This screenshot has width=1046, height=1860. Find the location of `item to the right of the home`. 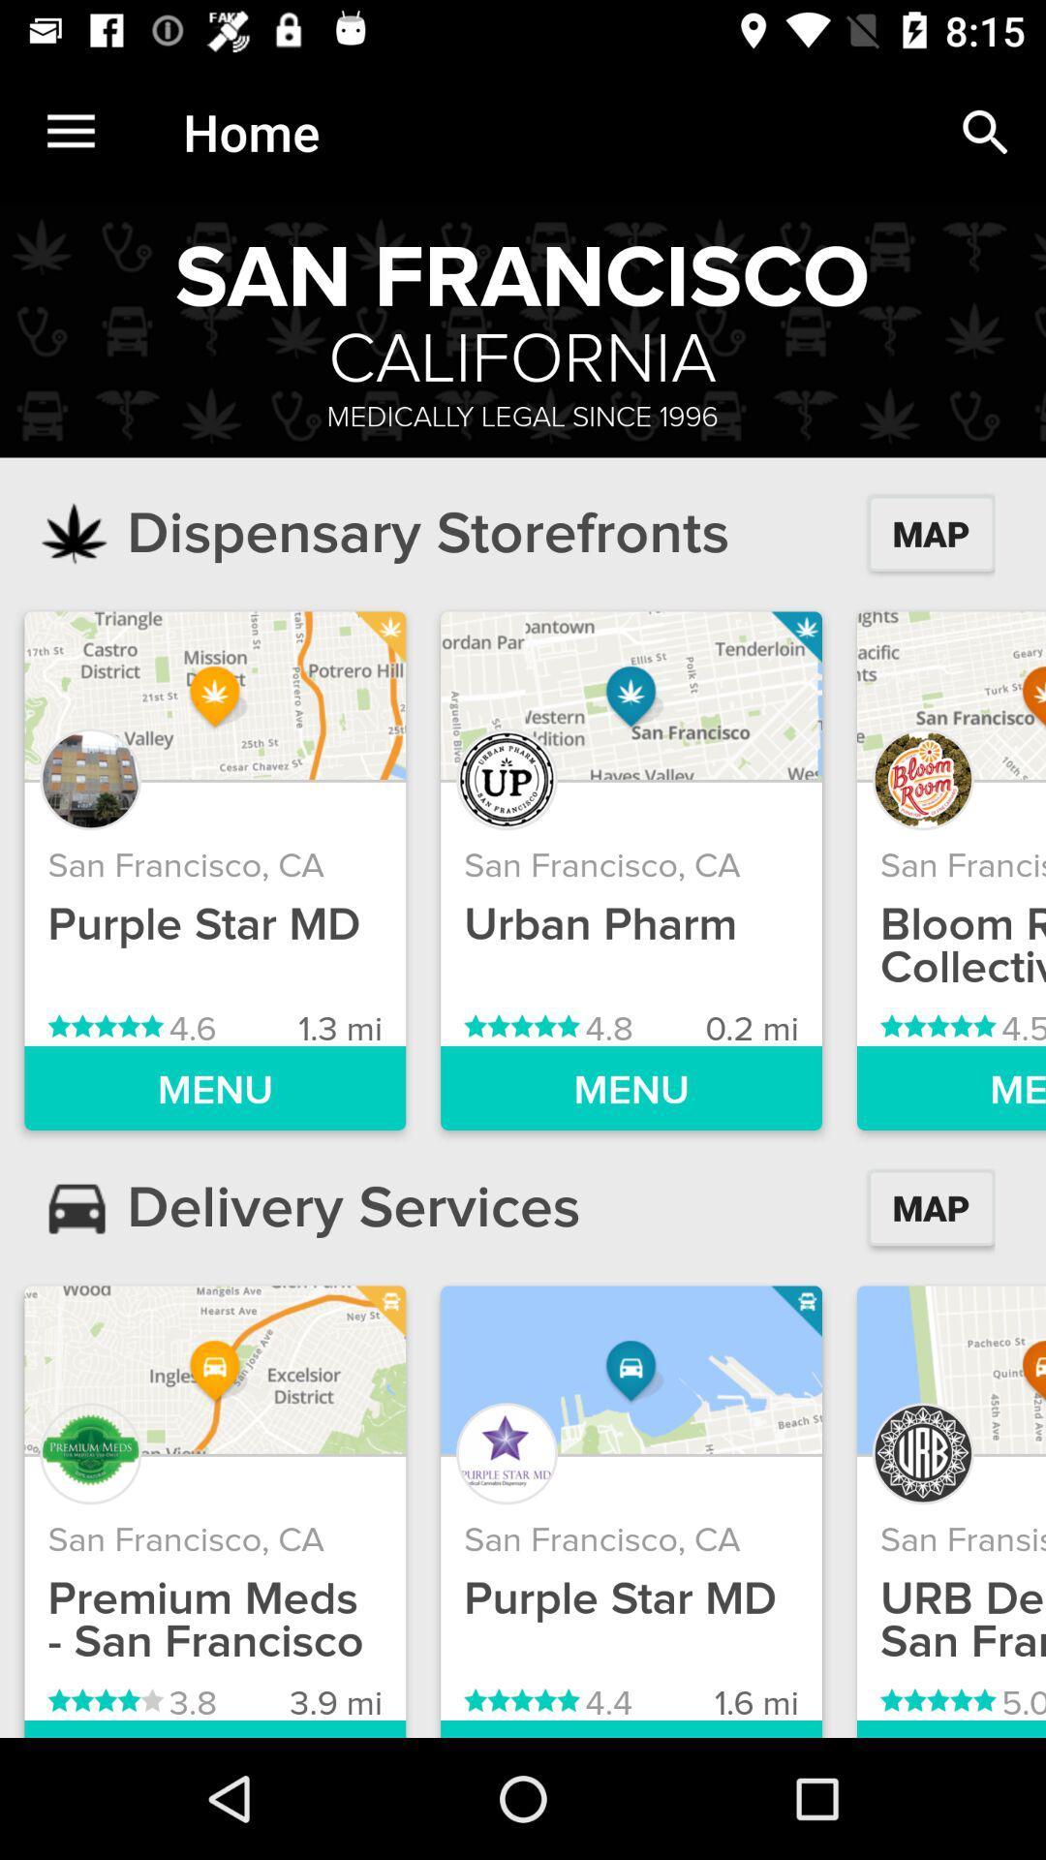

item to the right of the home is located at coordinates (985, 131).